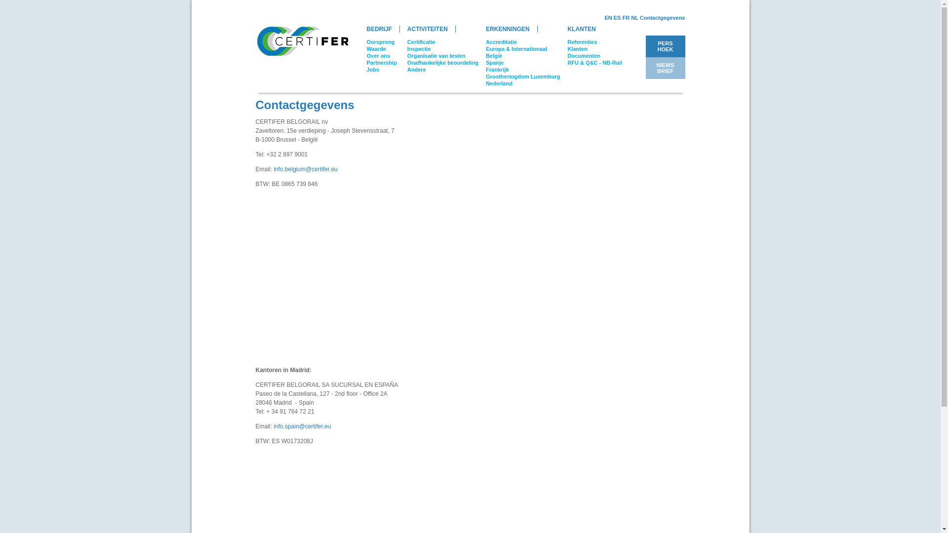 The height and width of the screenshot is (533, 948). What do you see at coordinates (617, 17) in the screenshot?
I see `'ES'` at bounding box center [617, 17].